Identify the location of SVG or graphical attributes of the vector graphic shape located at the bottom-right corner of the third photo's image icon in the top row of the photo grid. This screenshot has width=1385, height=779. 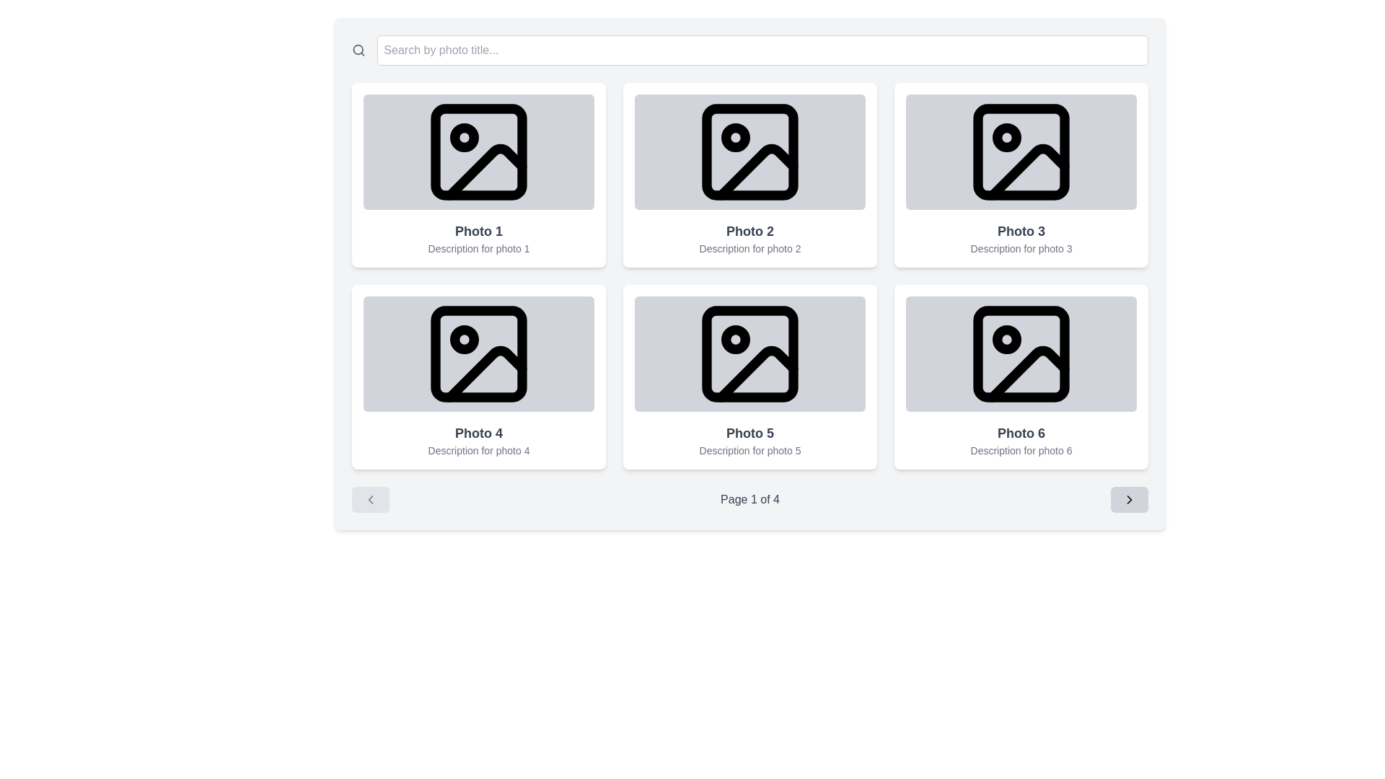
(1027, 171).